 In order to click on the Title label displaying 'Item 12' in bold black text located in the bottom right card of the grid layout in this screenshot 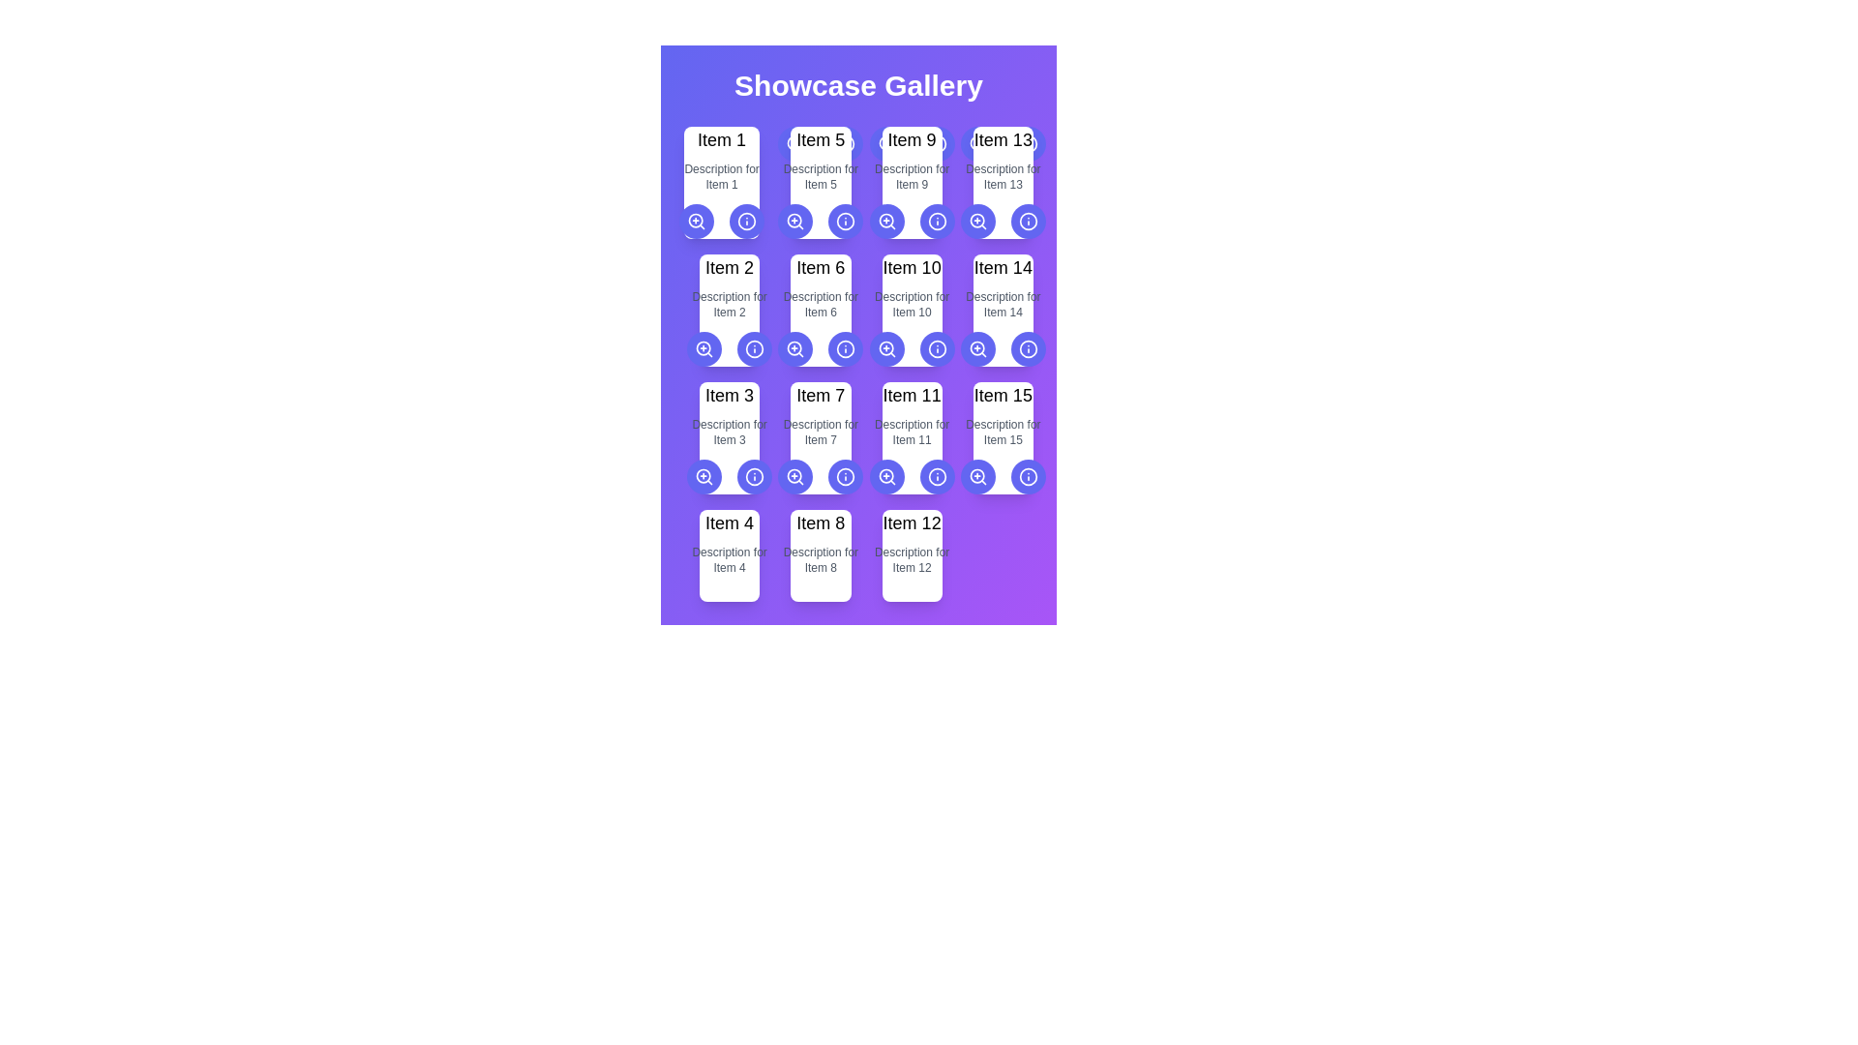, I will do `click(911, 522)`.